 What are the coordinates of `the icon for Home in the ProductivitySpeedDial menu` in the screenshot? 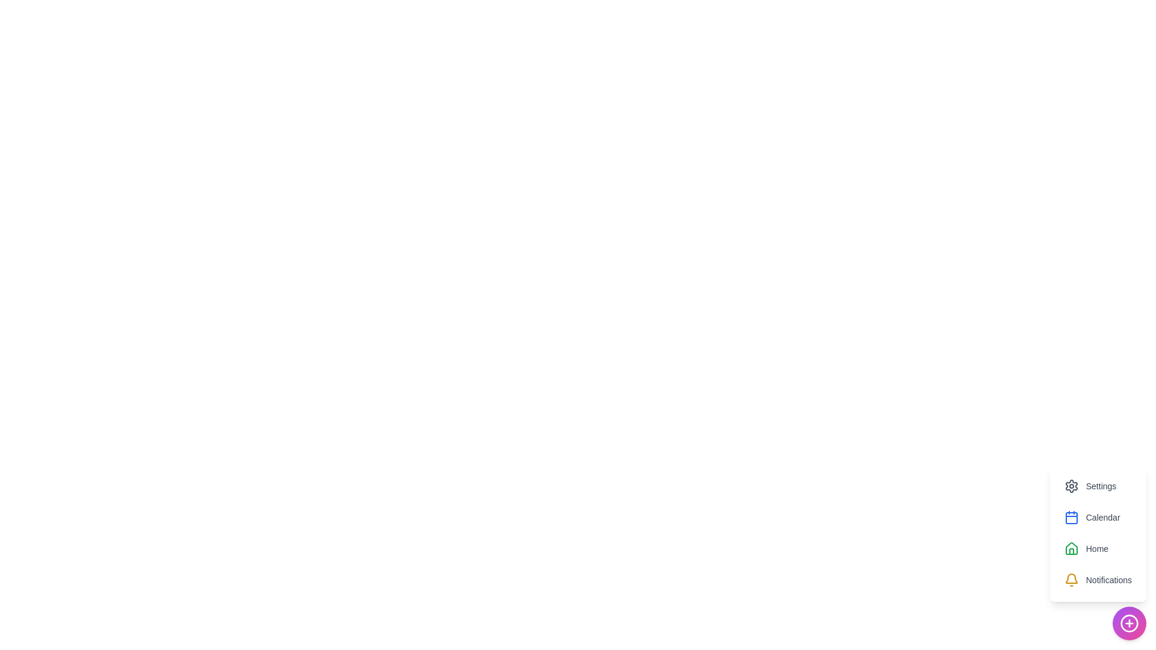 It's located at (1071, 548).